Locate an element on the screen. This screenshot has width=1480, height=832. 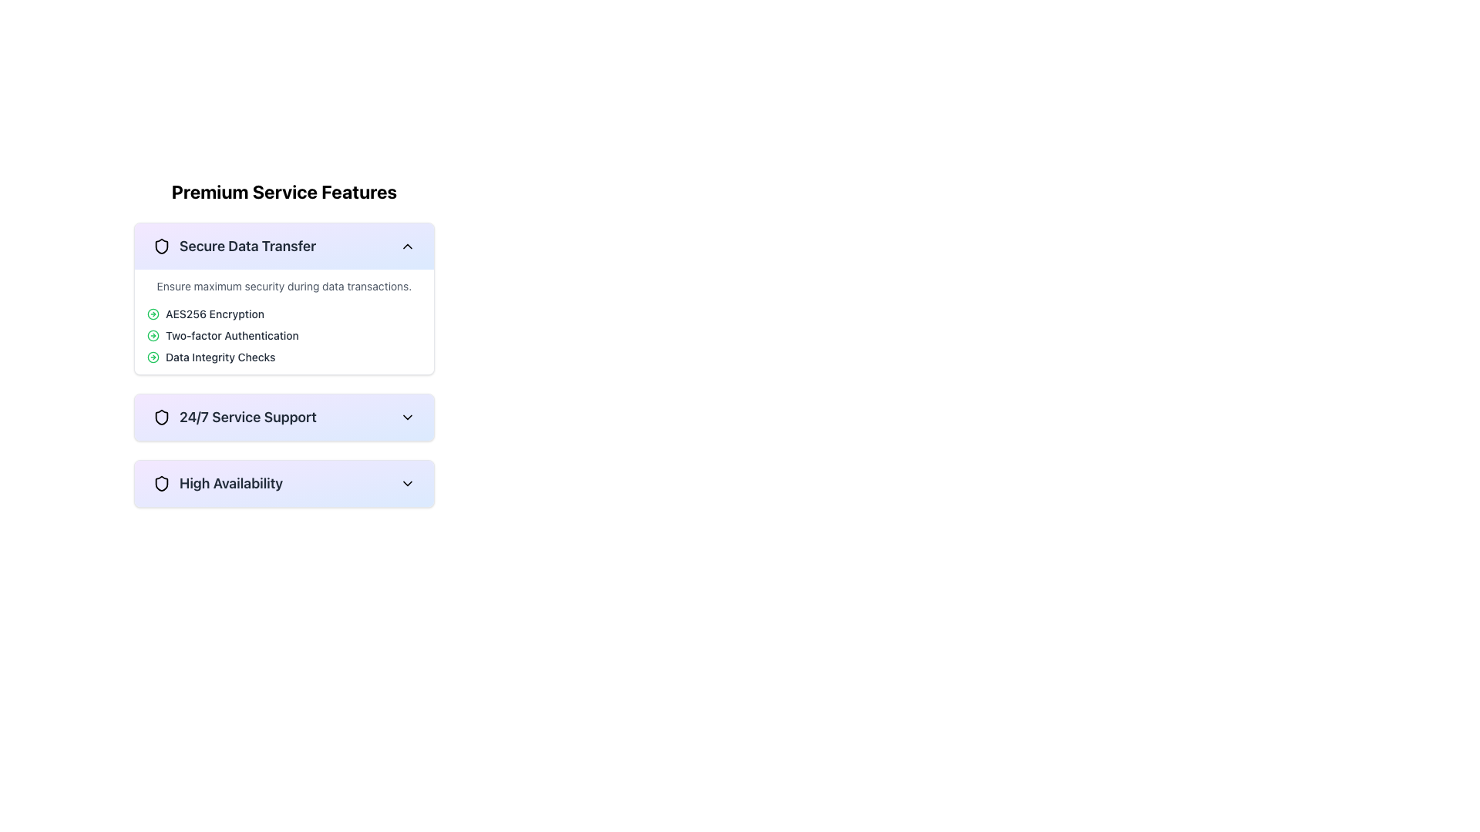
the circular decorative component within the 'Secure Data Transfer' icon for navigation is located at coordinates (153, 334).